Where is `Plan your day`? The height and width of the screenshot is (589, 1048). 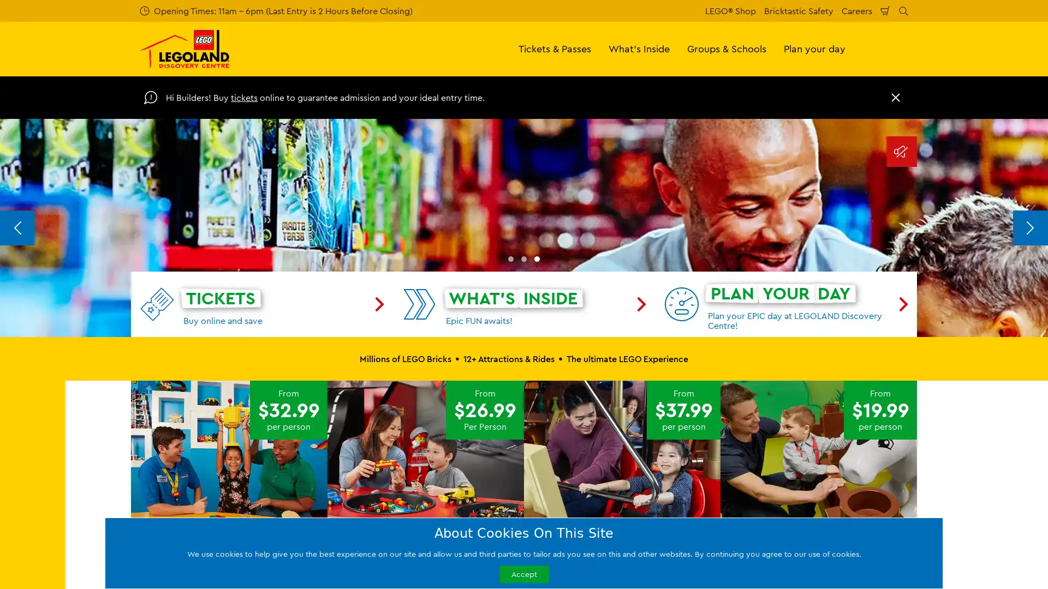 Plan your day is located at coordinates (814, 48).